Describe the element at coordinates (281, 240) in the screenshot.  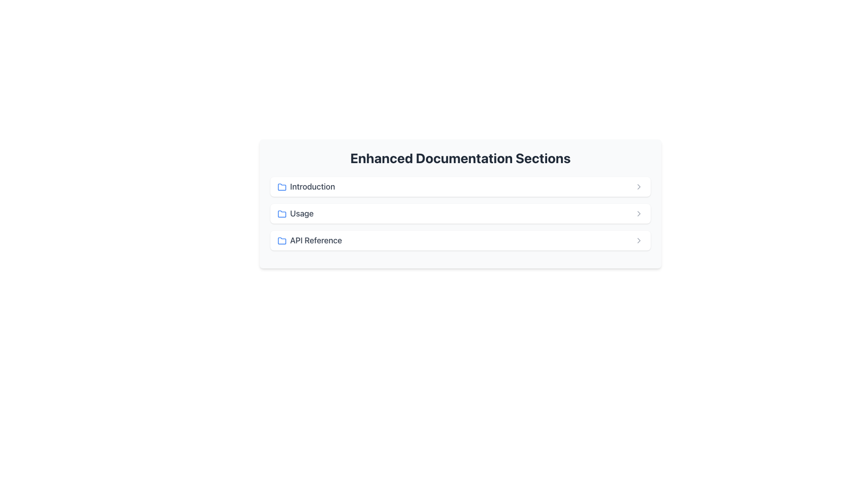
I see `the blue rectangular folder icon located to the left of the textual label 'API Reference', which is the third folder icon in the vertical list` at that location.